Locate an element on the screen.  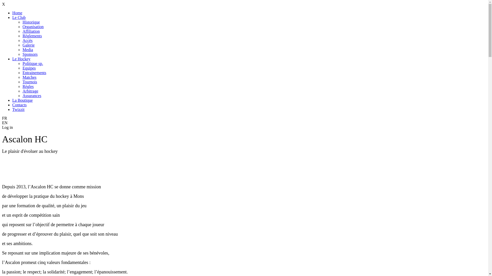
'Entrainements' is located at coordinates (22, 73).